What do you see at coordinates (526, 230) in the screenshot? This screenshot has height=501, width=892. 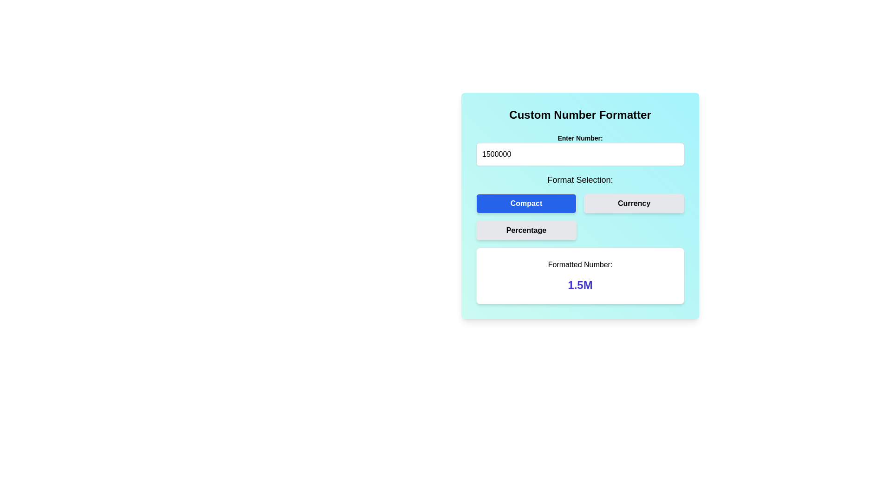 I see `the 'Percentage' button which is styled with a rounded border and light gray background, located below the 'Compact' and 'Currency' buttons in the 'Format Selection' section` at bounding box center [526, 230].